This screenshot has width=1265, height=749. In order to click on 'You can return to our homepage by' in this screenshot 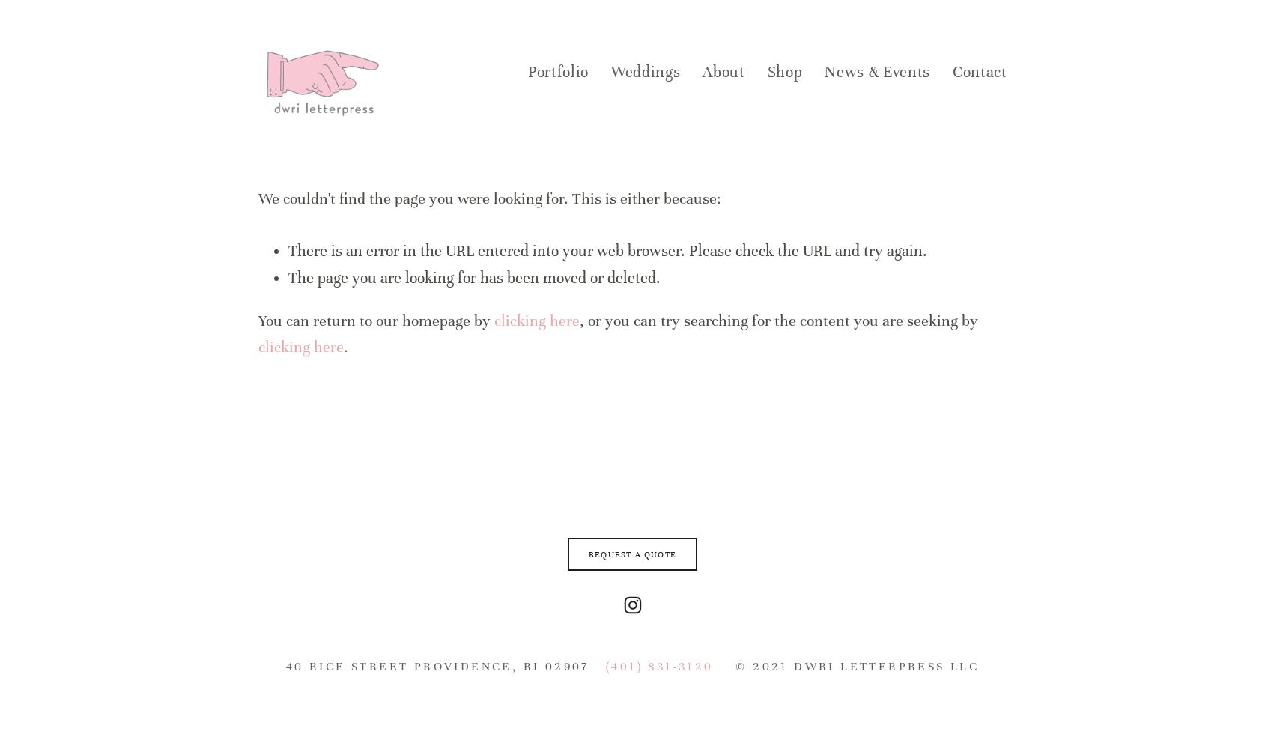, I will do `click(375, 320)`.